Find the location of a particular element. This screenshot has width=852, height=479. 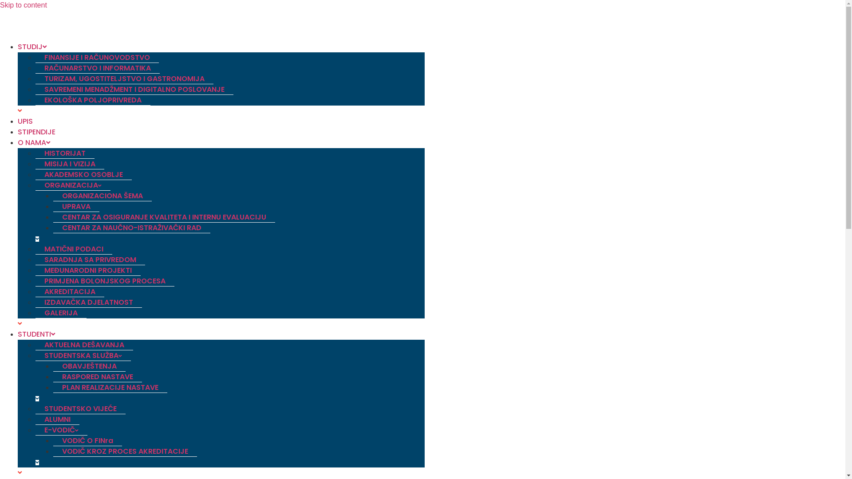

'UPRAVA' is located at coordinates (76, 207).